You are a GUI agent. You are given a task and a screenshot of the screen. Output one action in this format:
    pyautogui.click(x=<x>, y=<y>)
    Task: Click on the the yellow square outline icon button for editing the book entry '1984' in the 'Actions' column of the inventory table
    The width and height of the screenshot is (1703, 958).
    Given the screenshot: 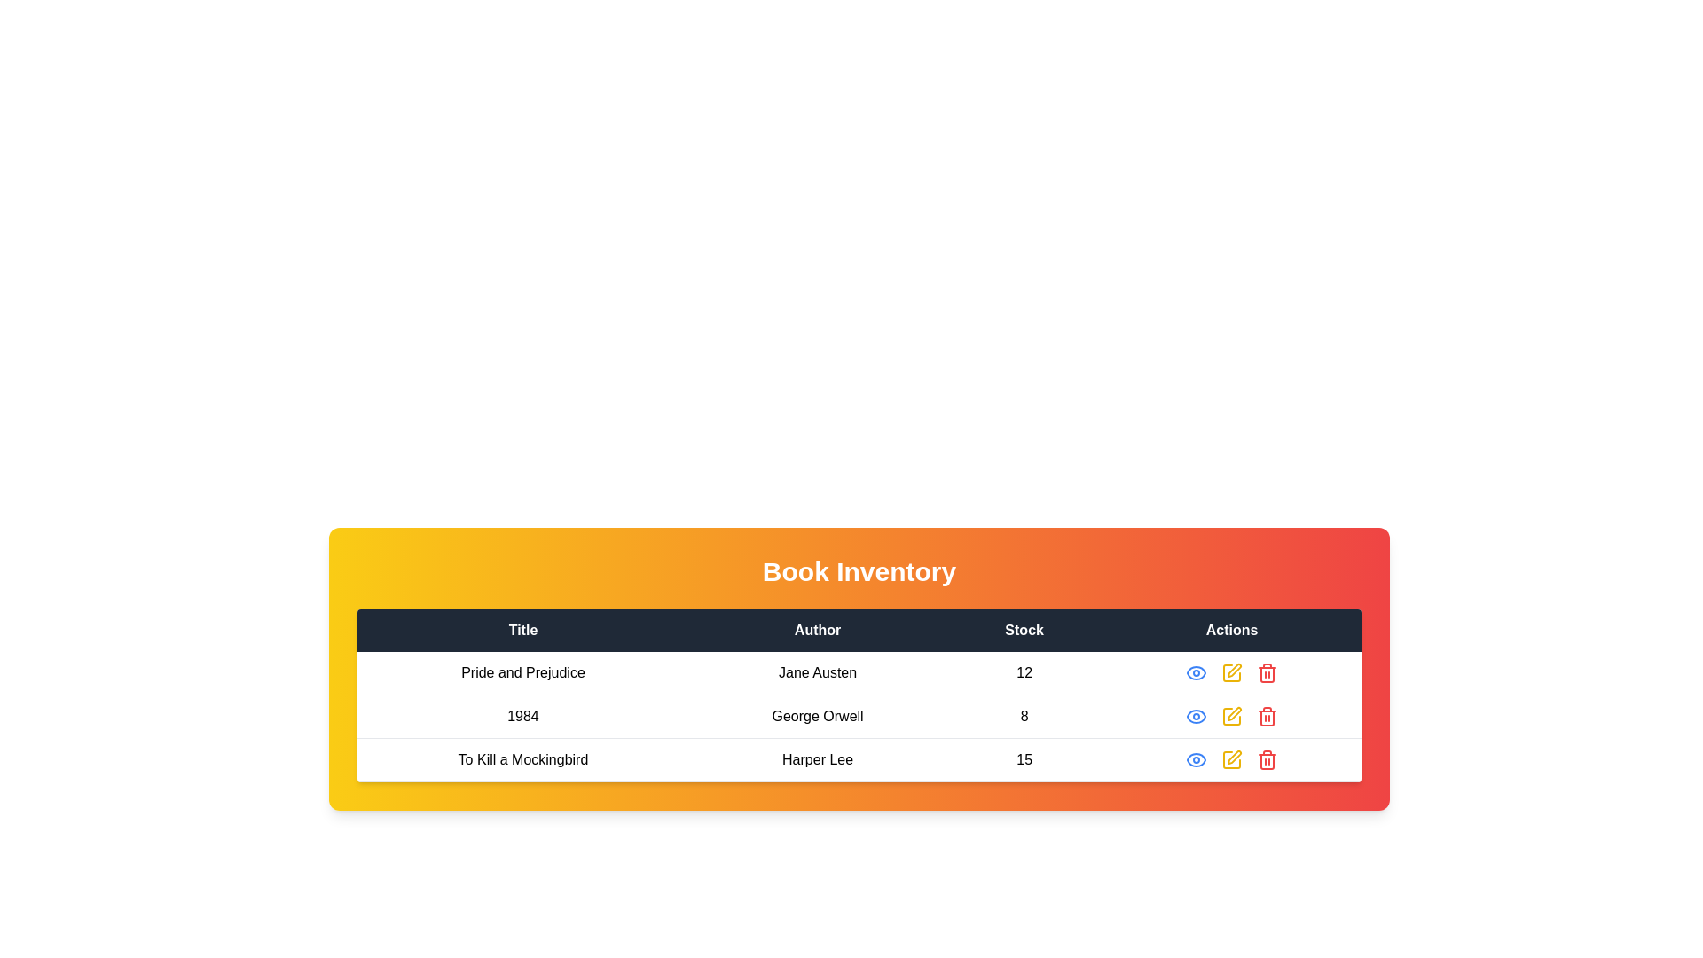 What is the action you would take?
    pyautogui.click(x=1231, y=715)
    